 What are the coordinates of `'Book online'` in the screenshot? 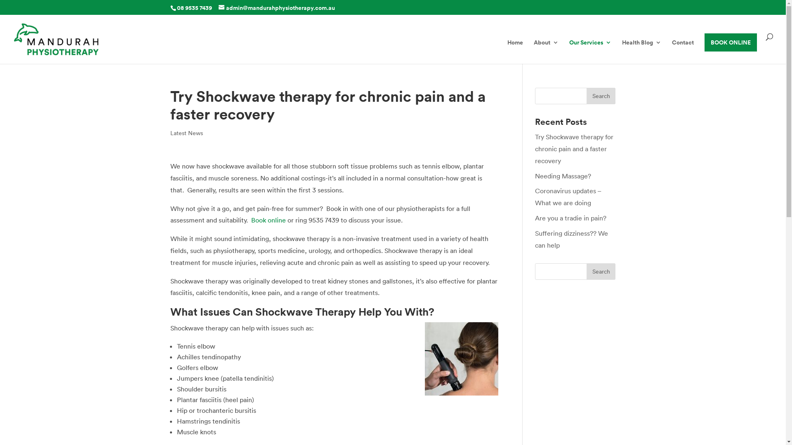 It's located at (250, 219).